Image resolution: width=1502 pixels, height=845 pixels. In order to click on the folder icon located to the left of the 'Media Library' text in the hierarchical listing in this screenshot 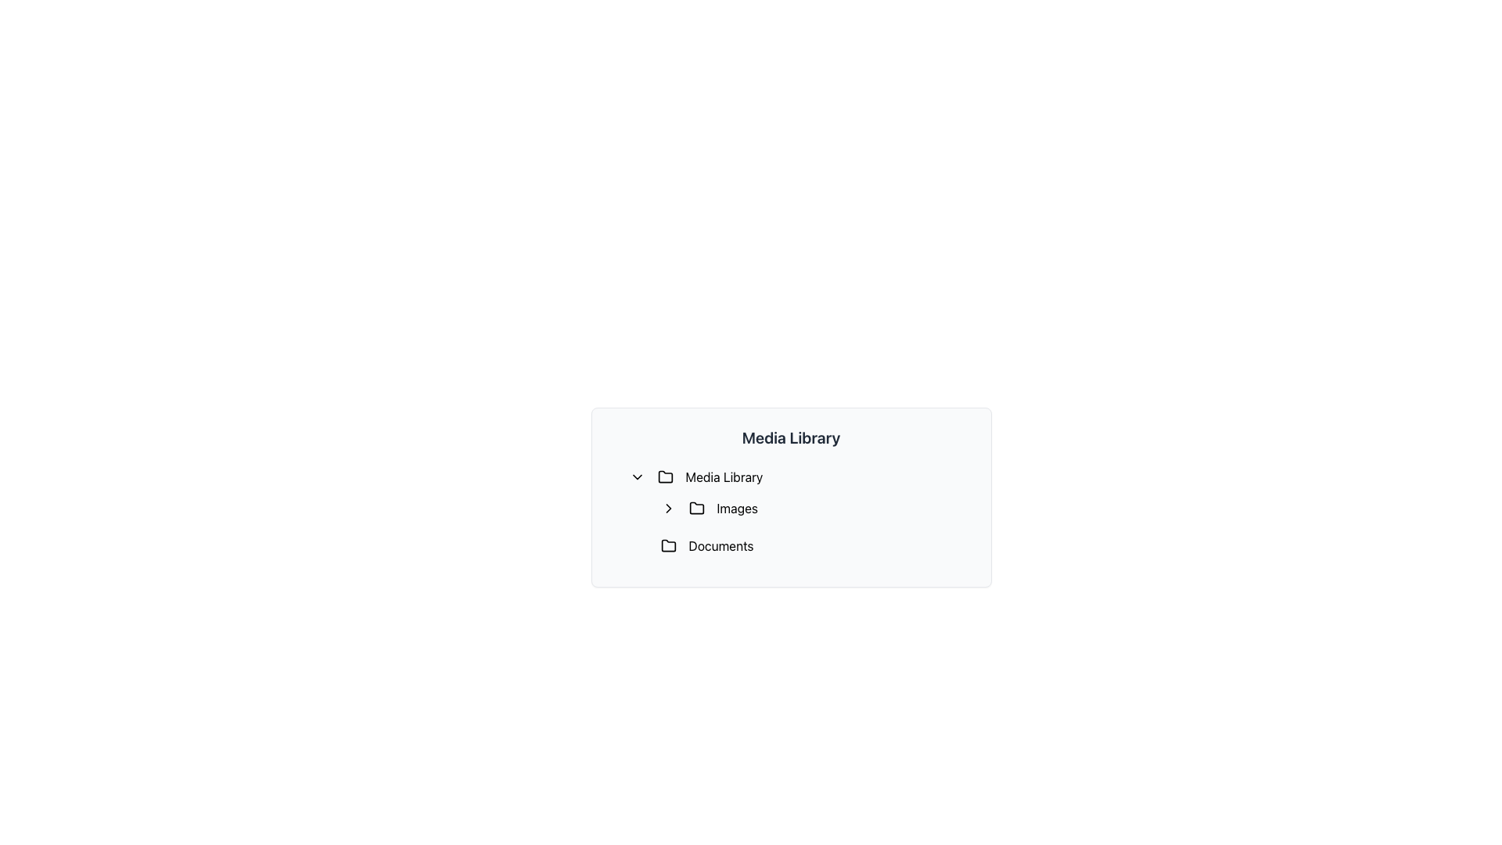, I will do `click(665, 476)`.